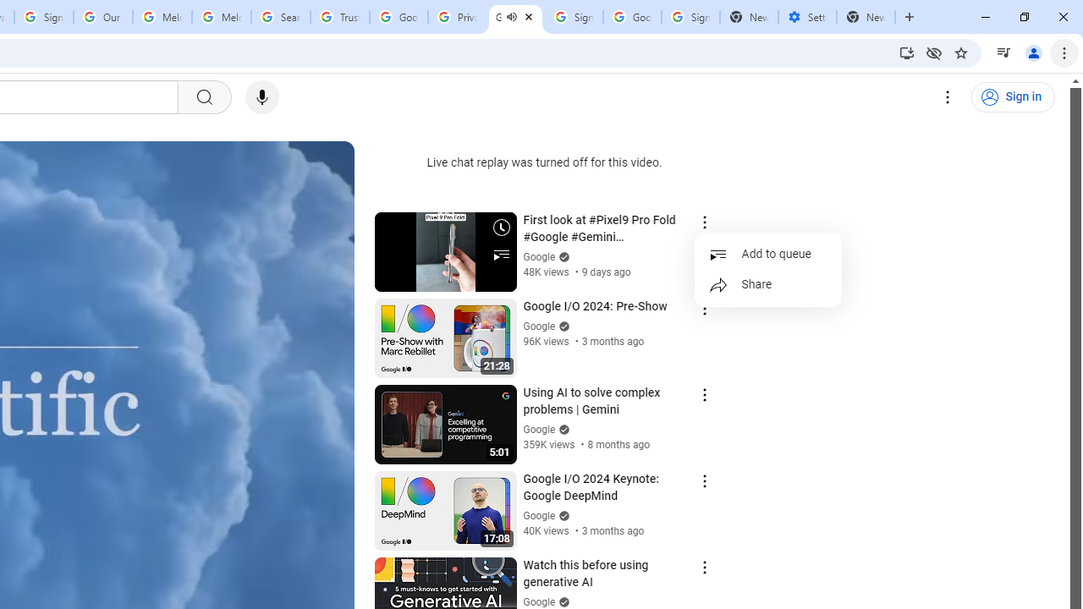 The image size is (1083, 609). What do you see at coordinates (690, 17) in the screenshot?
I see `'Sign in - Google Accounts'` at bounding box center [690, 17].